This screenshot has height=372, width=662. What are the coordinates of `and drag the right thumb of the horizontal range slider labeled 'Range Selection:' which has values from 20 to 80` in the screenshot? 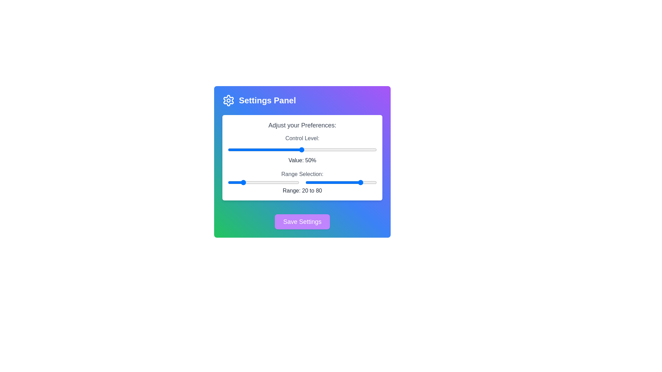 It's located at (302, 182).